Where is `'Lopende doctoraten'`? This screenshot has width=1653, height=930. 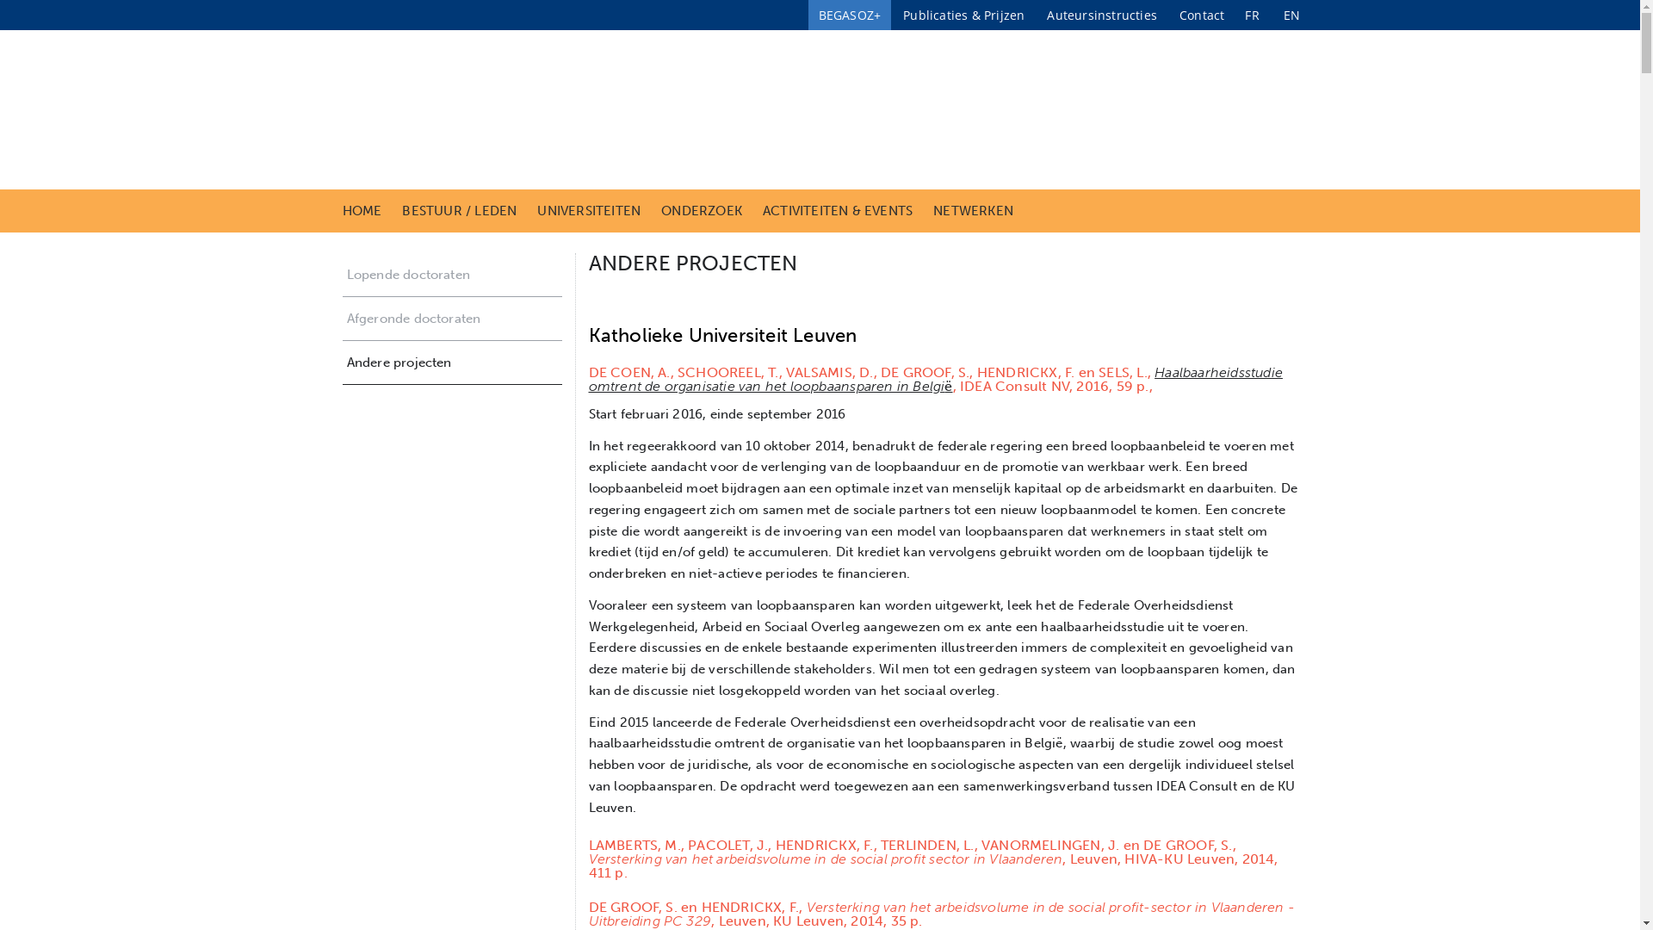 'Lopende doctoraten' is located at coordinates (343, 274).